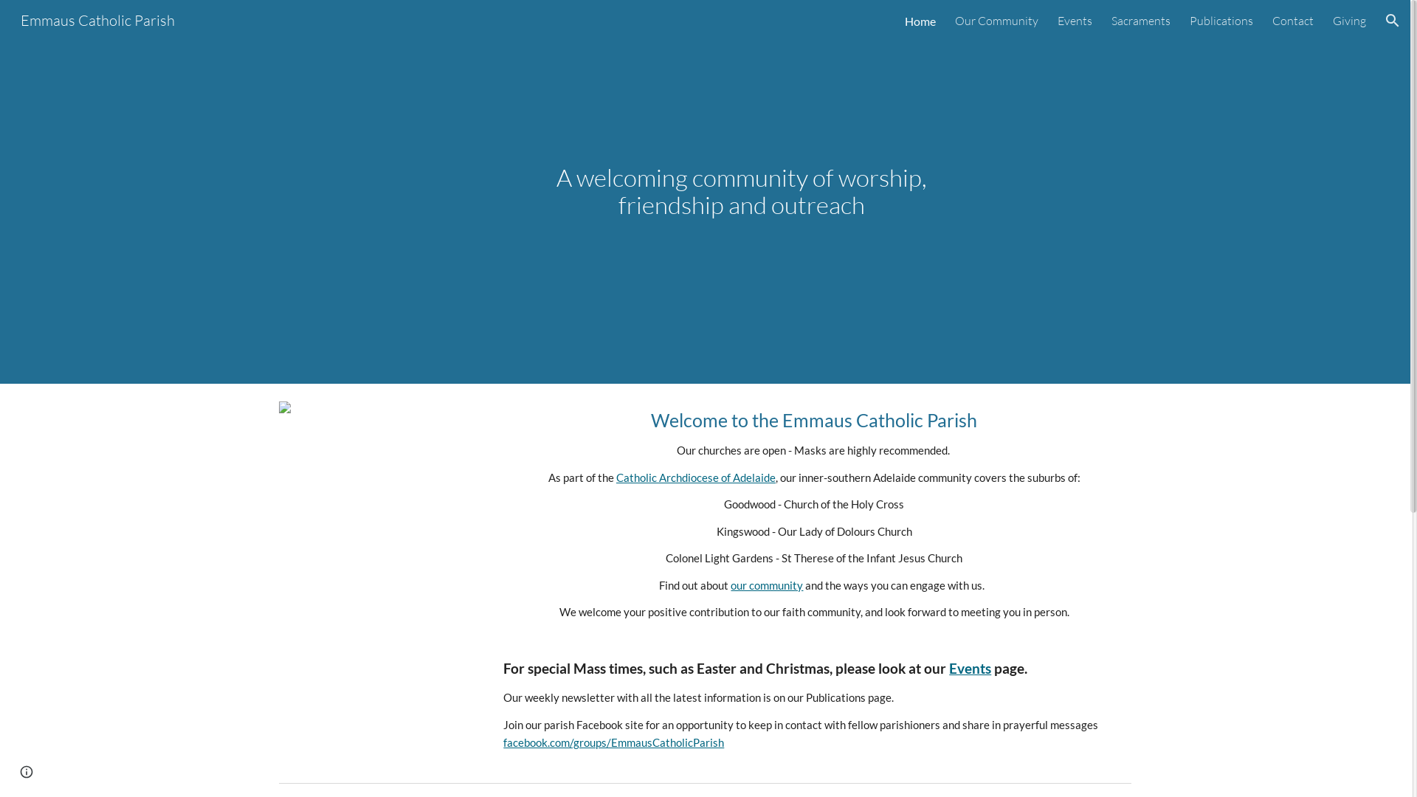 This screenshot has height=797, width=1417. Describe the element at coordinates (920, 20) in the screenshot. I see `'Home'` at that location.